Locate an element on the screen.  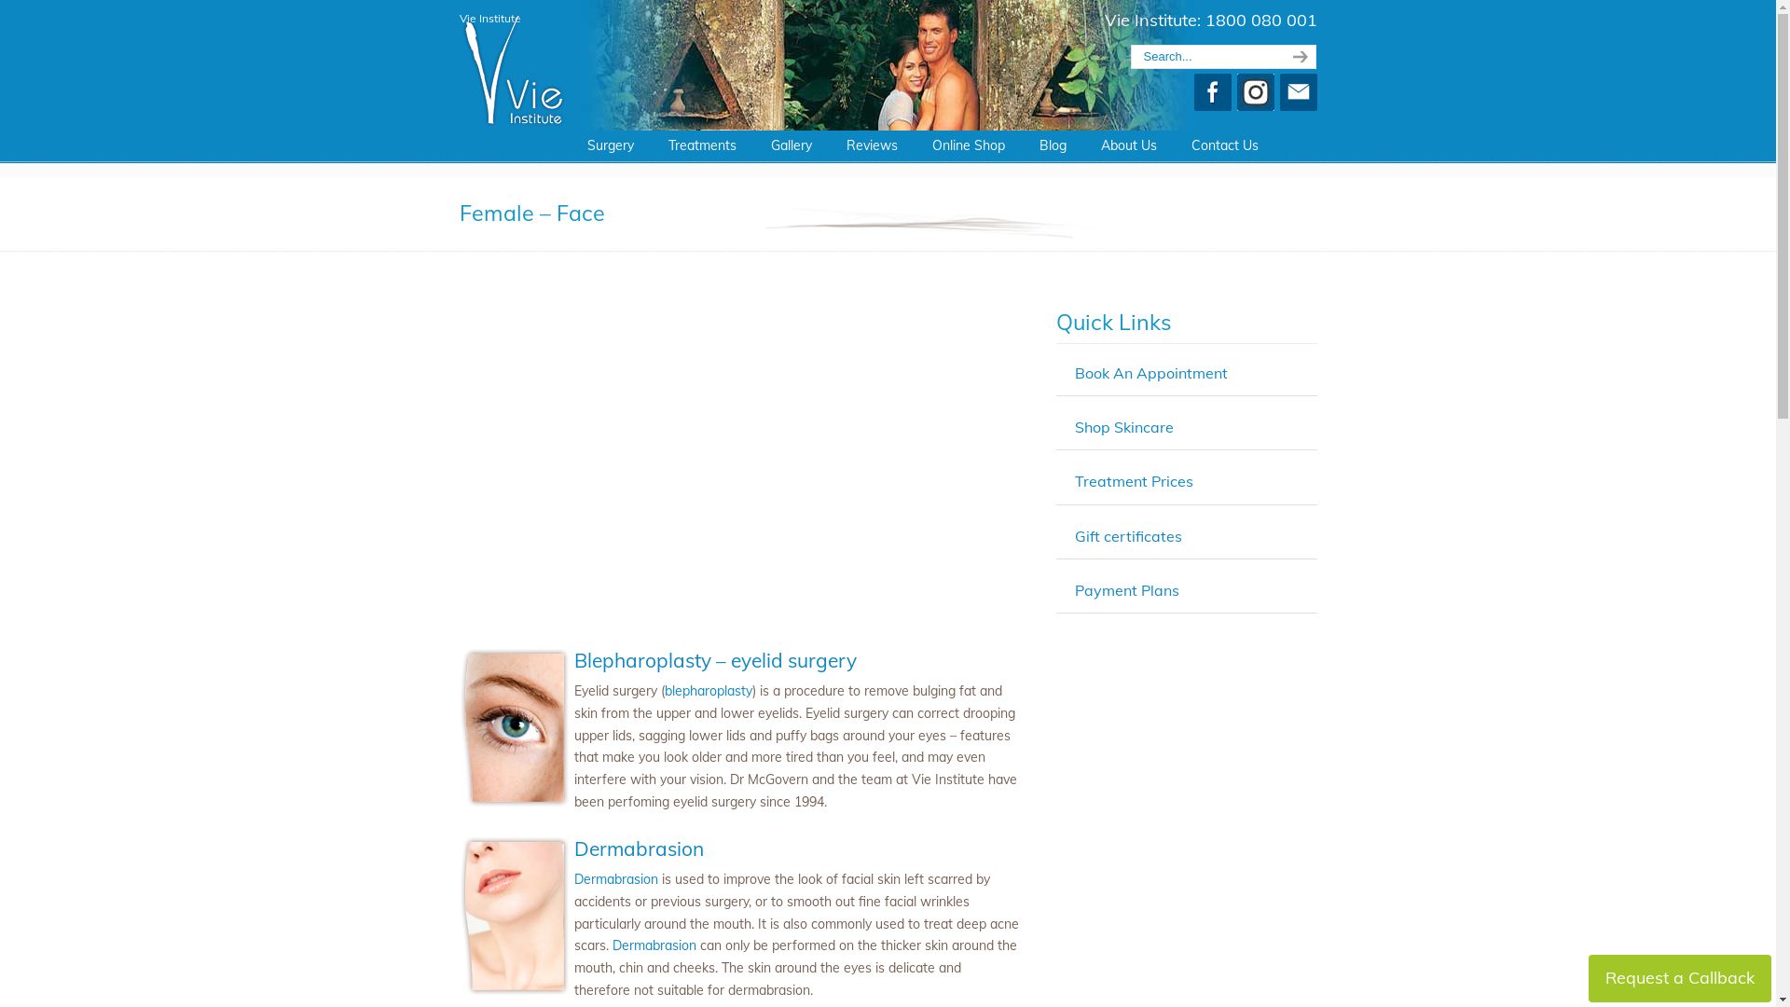
'Plastic Surgery Sunshine Coast' is located at coordinates (513, 63).